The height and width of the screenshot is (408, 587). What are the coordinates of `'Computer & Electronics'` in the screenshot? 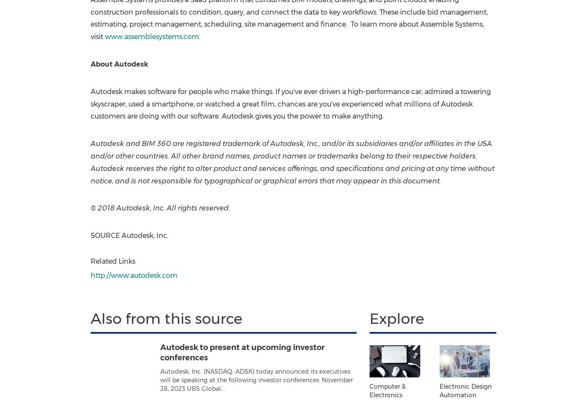 It's located at (387, 390).